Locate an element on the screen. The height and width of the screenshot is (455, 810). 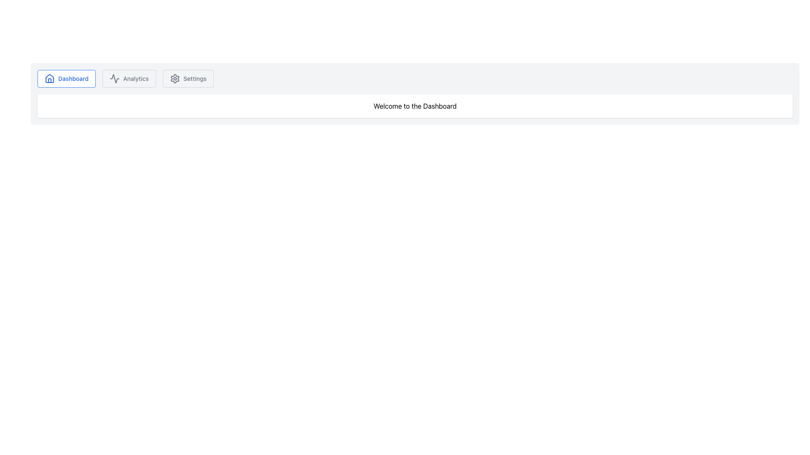
the third button in the horizontal navigation bar, which navigates to the 'Settings' section of the interface is located at coordinates (188, 78).